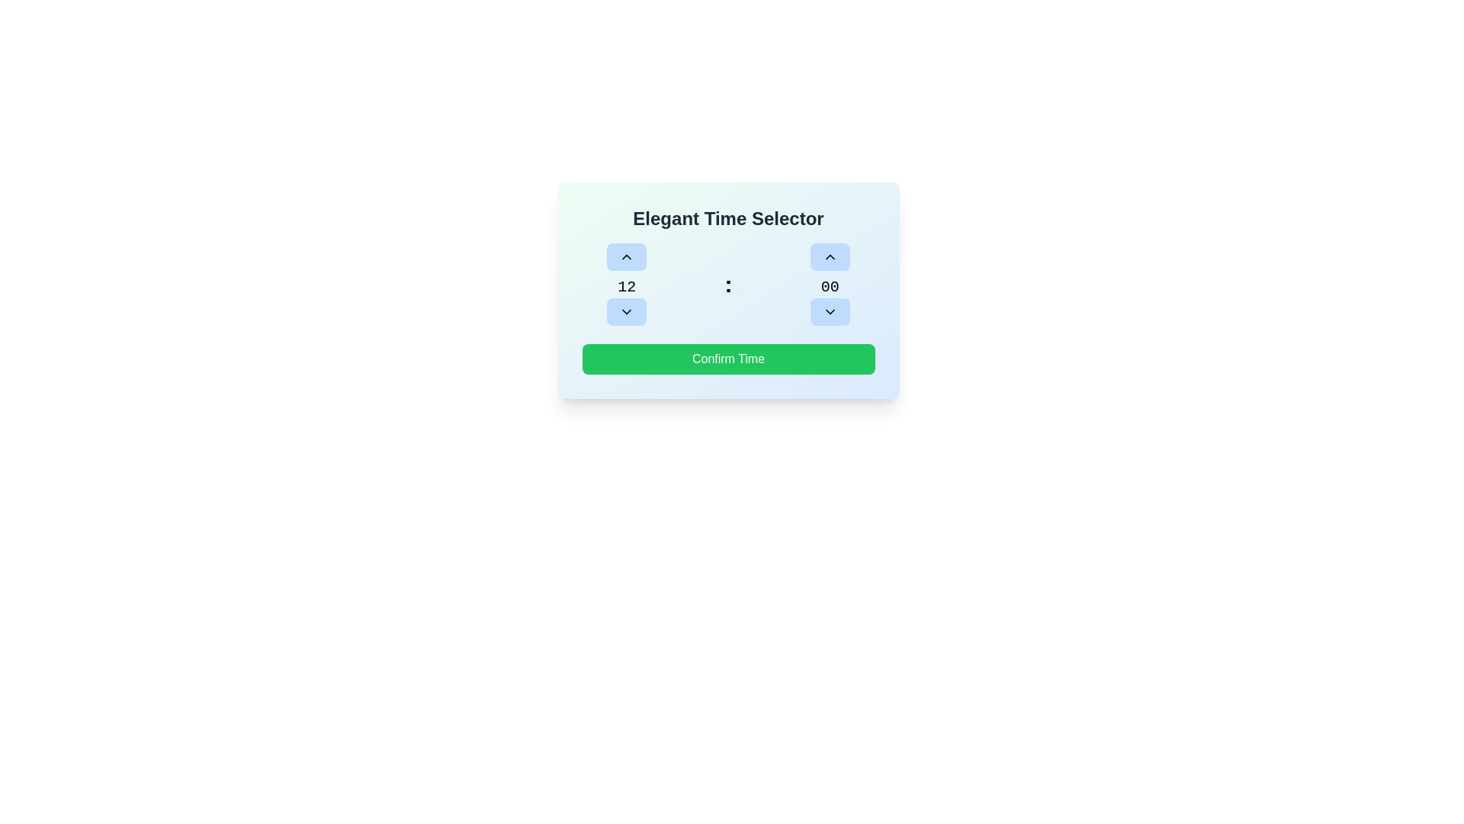 The width and height of the screenshot is (1464, 824). What do you see at coordinates (829, 256) in the screenshot?
I see `the upward arrow button with a light blue background located at the top of the right time adjustment column to increment the value` at bounding box center [829, 256].